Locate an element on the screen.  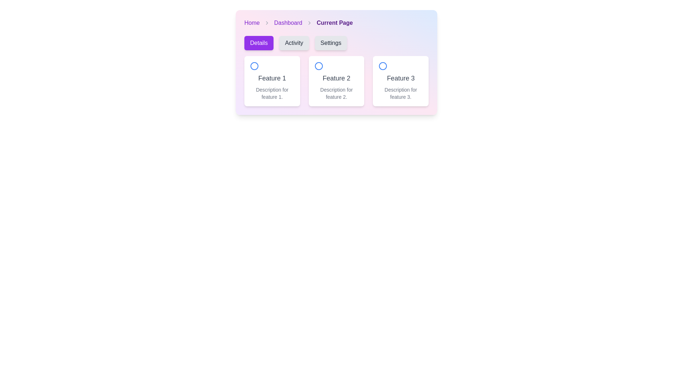
the first feature card located in the top-left corner of the grid layout is located at coordinates (272, 81).